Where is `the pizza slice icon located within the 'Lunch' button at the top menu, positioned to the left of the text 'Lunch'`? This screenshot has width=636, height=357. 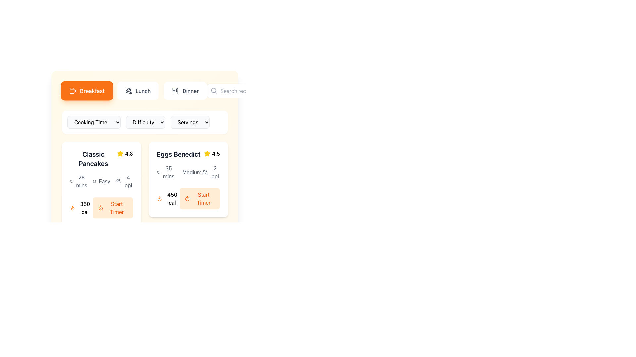
the pizza slice icon located within the 'Lunch' button at the top menu, positioned to the left of the text 'Lunch' is located at coordinates (128, 91).